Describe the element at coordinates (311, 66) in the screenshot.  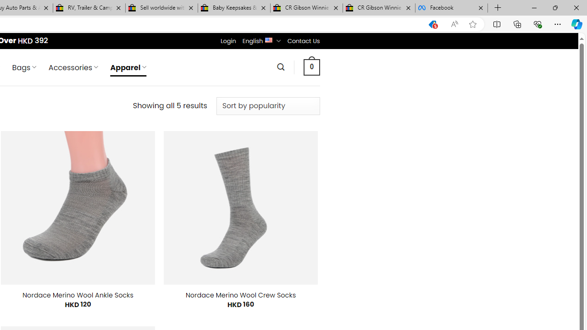
I see `'  0  '` at that location.